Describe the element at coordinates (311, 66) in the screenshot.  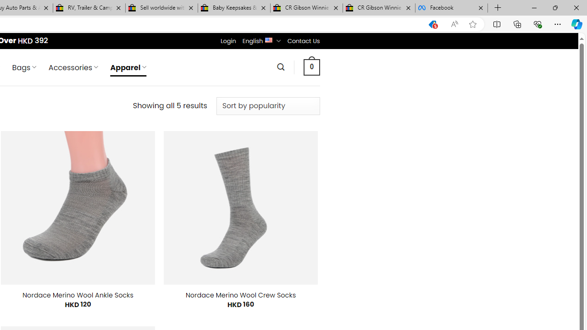
I see `'  0  '` at that location.